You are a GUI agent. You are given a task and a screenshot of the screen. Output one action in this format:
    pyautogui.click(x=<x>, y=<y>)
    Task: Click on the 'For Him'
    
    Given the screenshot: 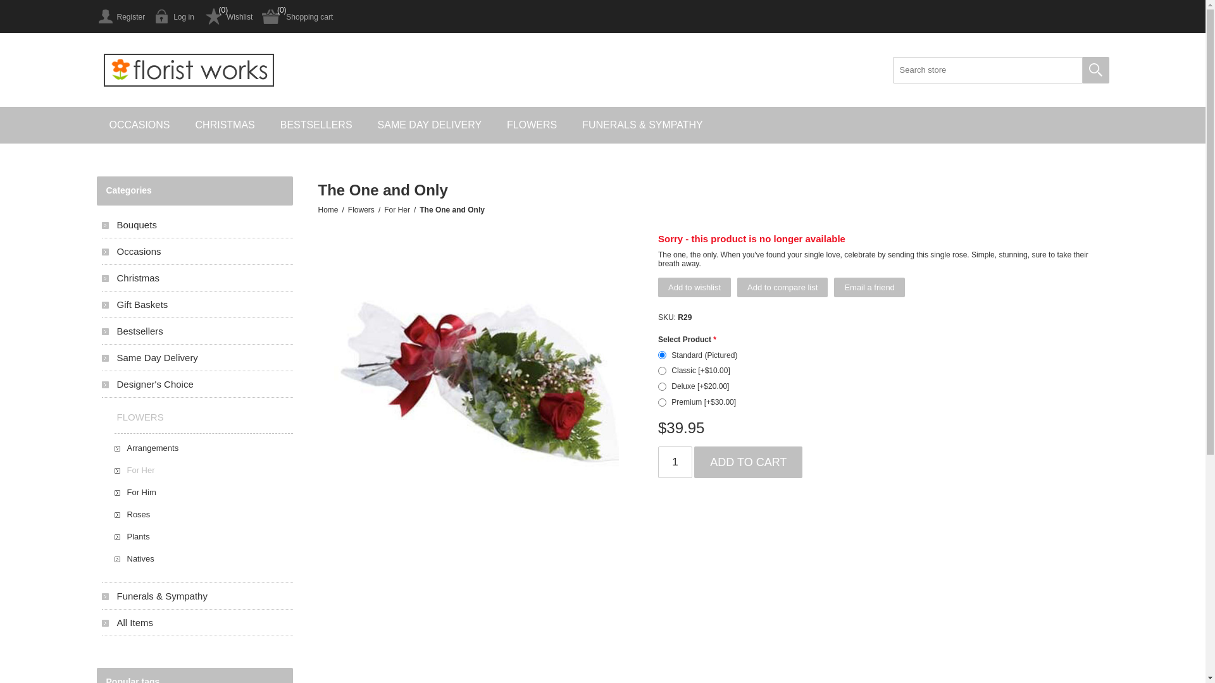 What is the action you would take?
    pyautogui.click(x=203, y=491)
    